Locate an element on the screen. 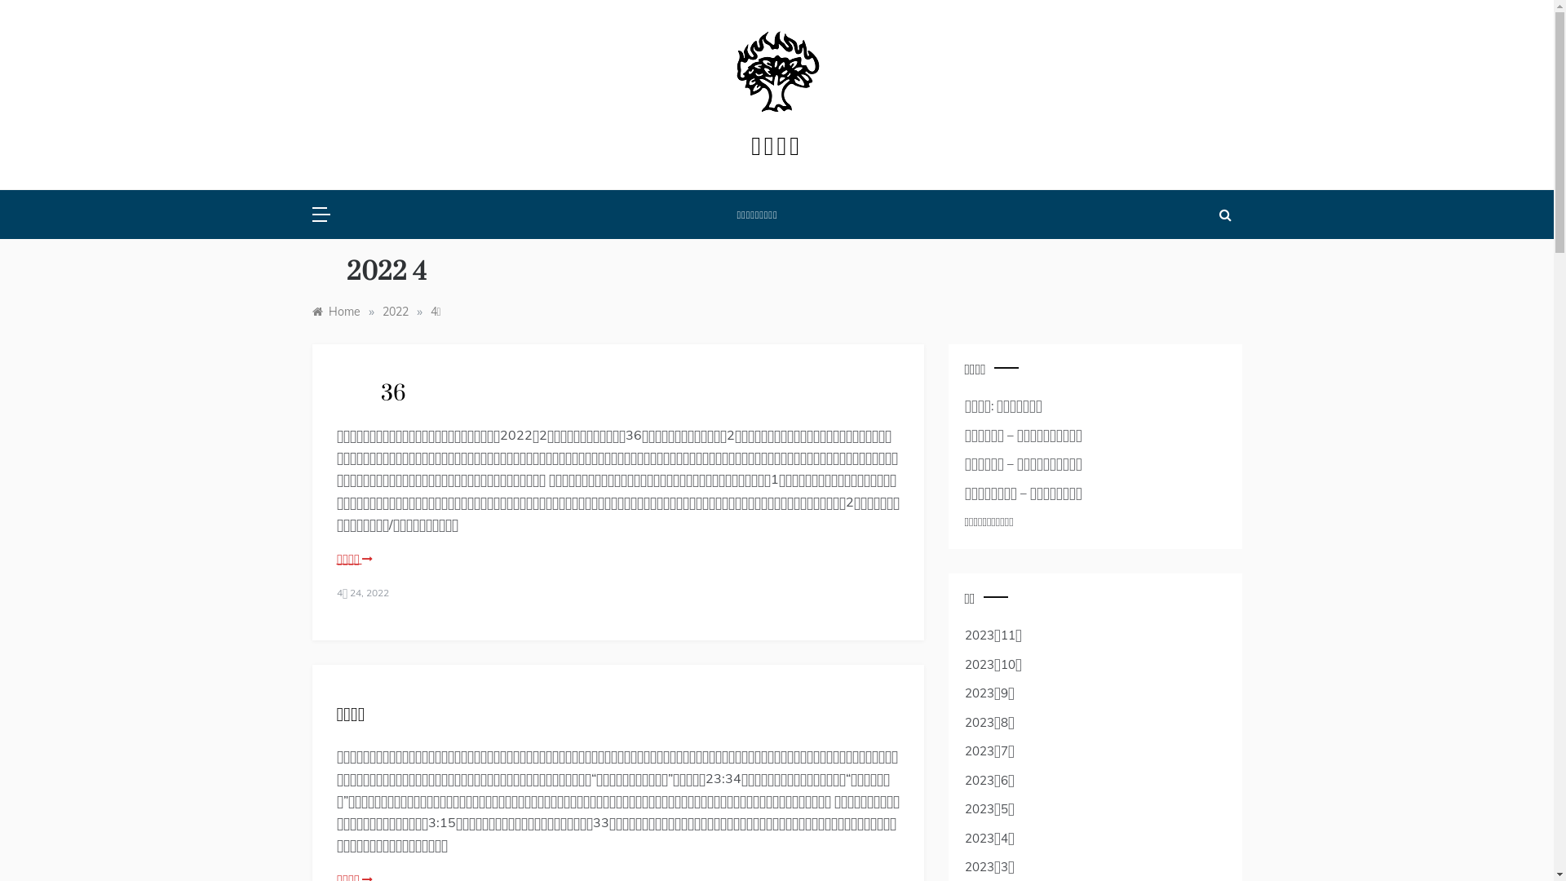  'Home' is located at coordinates (334, 311).